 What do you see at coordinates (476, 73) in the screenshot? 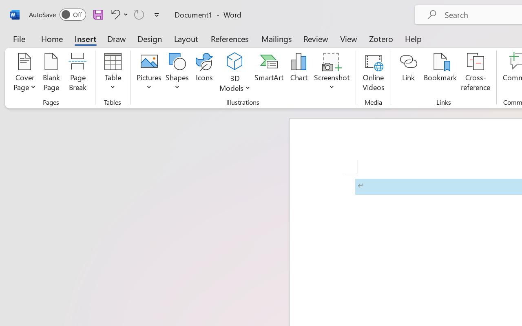
I see `'Cross-reference...'` at bounding box center [476, 73].